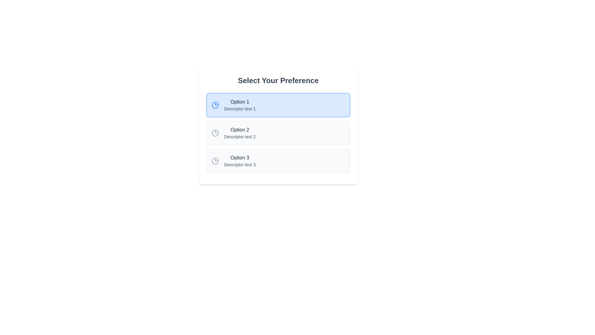 The image size is (595, 335). What do you see at coordinates (239, 132) in the screenshot?
I see `the selectable option labeled 'Option 2' which includes the descriptor text 'Descriptor text 2'` at bounding box center [239, 132].